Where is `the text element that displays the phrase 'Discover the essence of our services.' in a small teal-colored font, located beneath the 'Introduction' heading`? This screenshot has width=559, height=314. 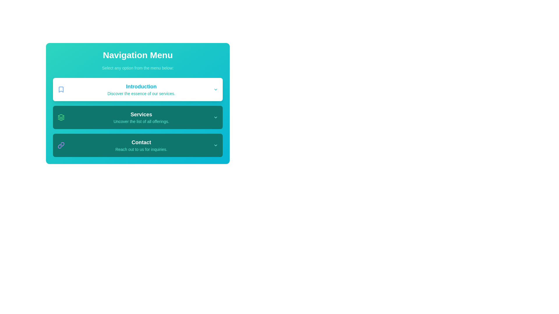 the text element that displays the phrase 'Discover the essence of our services.' in a small teal-colored font, located beneath the 'Introduction' heading is located at coordinates (141, 93).